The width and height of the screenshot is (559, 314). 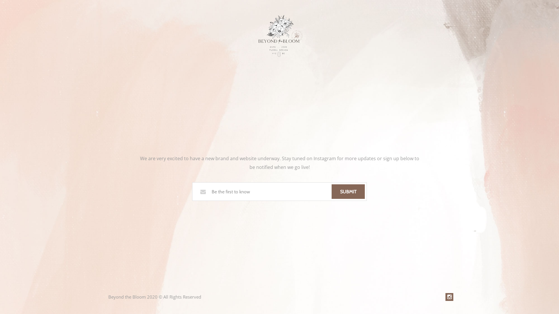 What do you see at coordinates (348, 192) in the screenshot?
I see `'SUBMIT'` at bounding box center [348, 192].